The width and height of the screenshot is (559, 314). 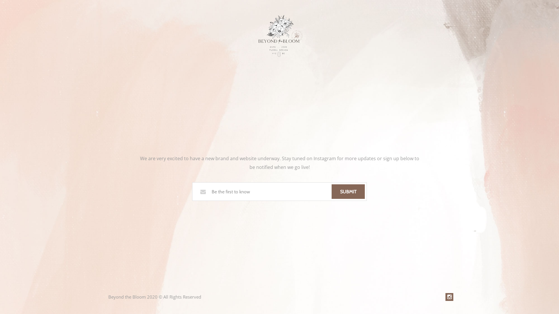 What do you see at coordinates (348, 192) in the screenshot?
I see `'SUBMIT'` at bounding box center [348, 192].